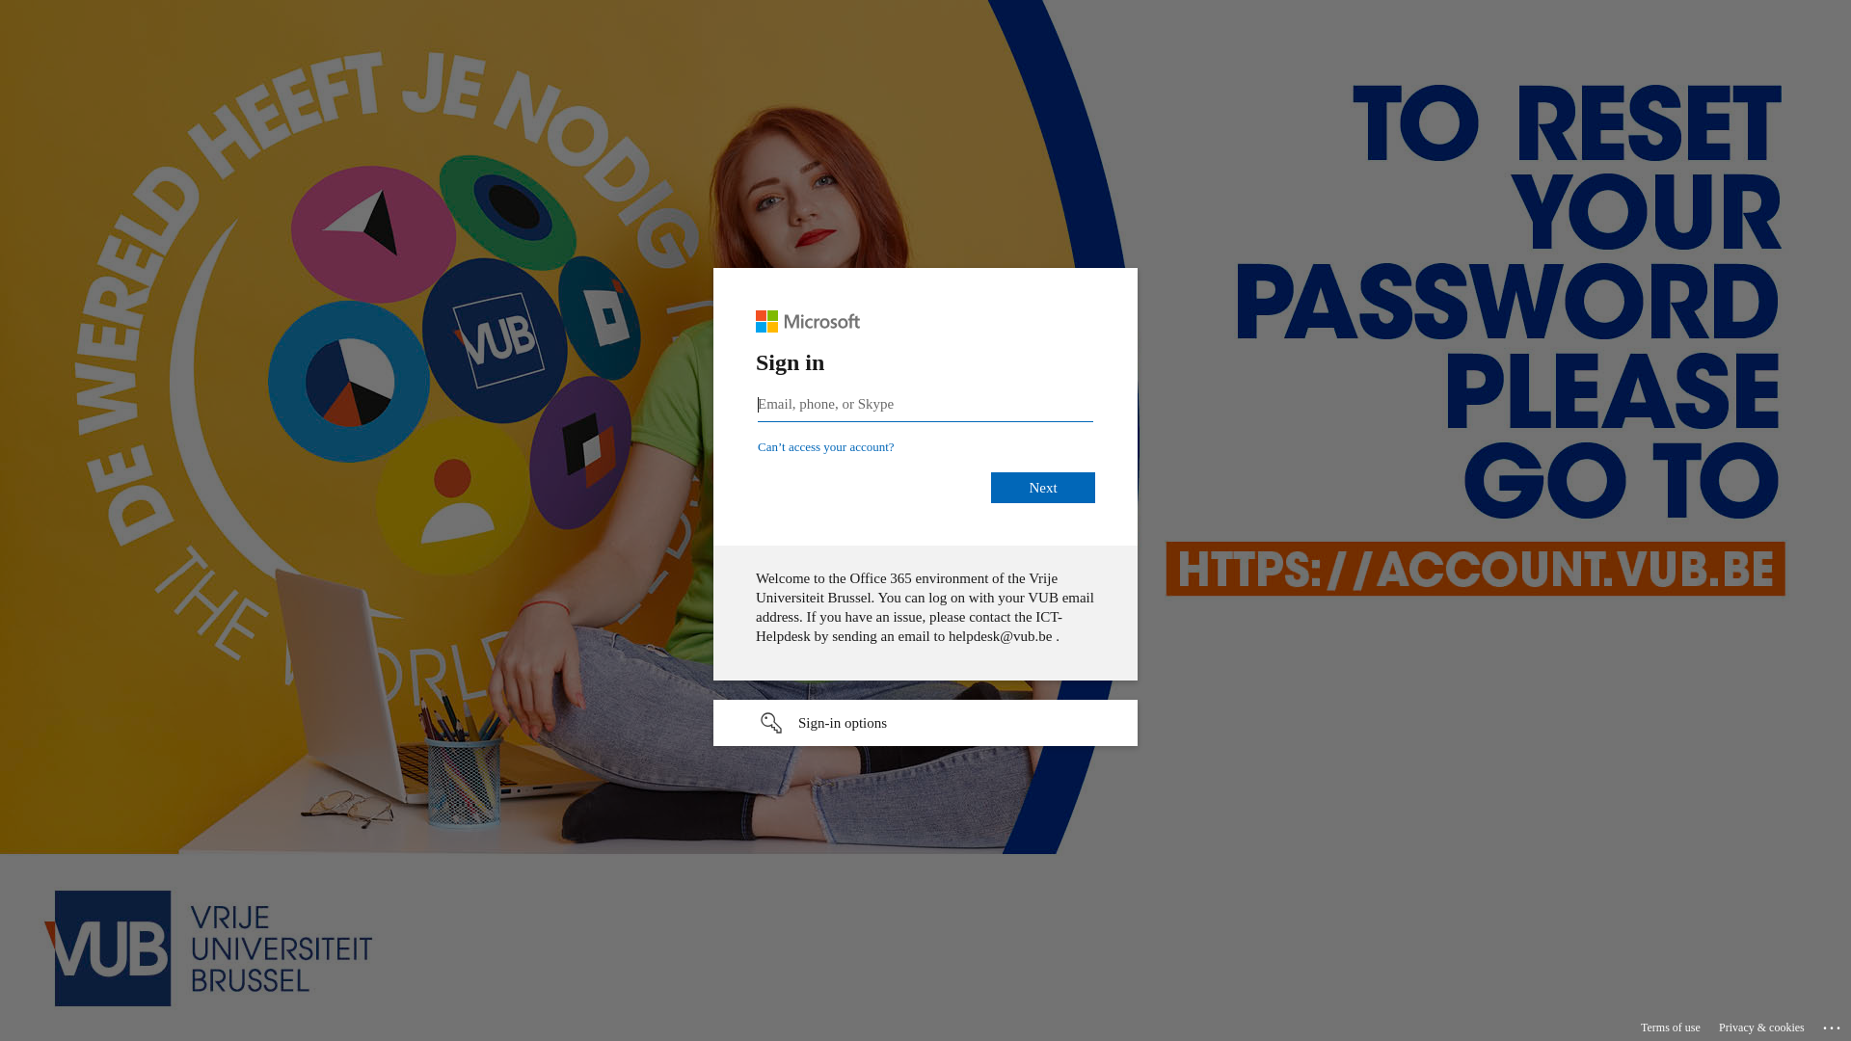 The height and width of the screenshot is (1041, 1851). What do you see at coordinates (1041, 486) in the screenshot?
I see `'Next'` at bounding box center [1041, 486].